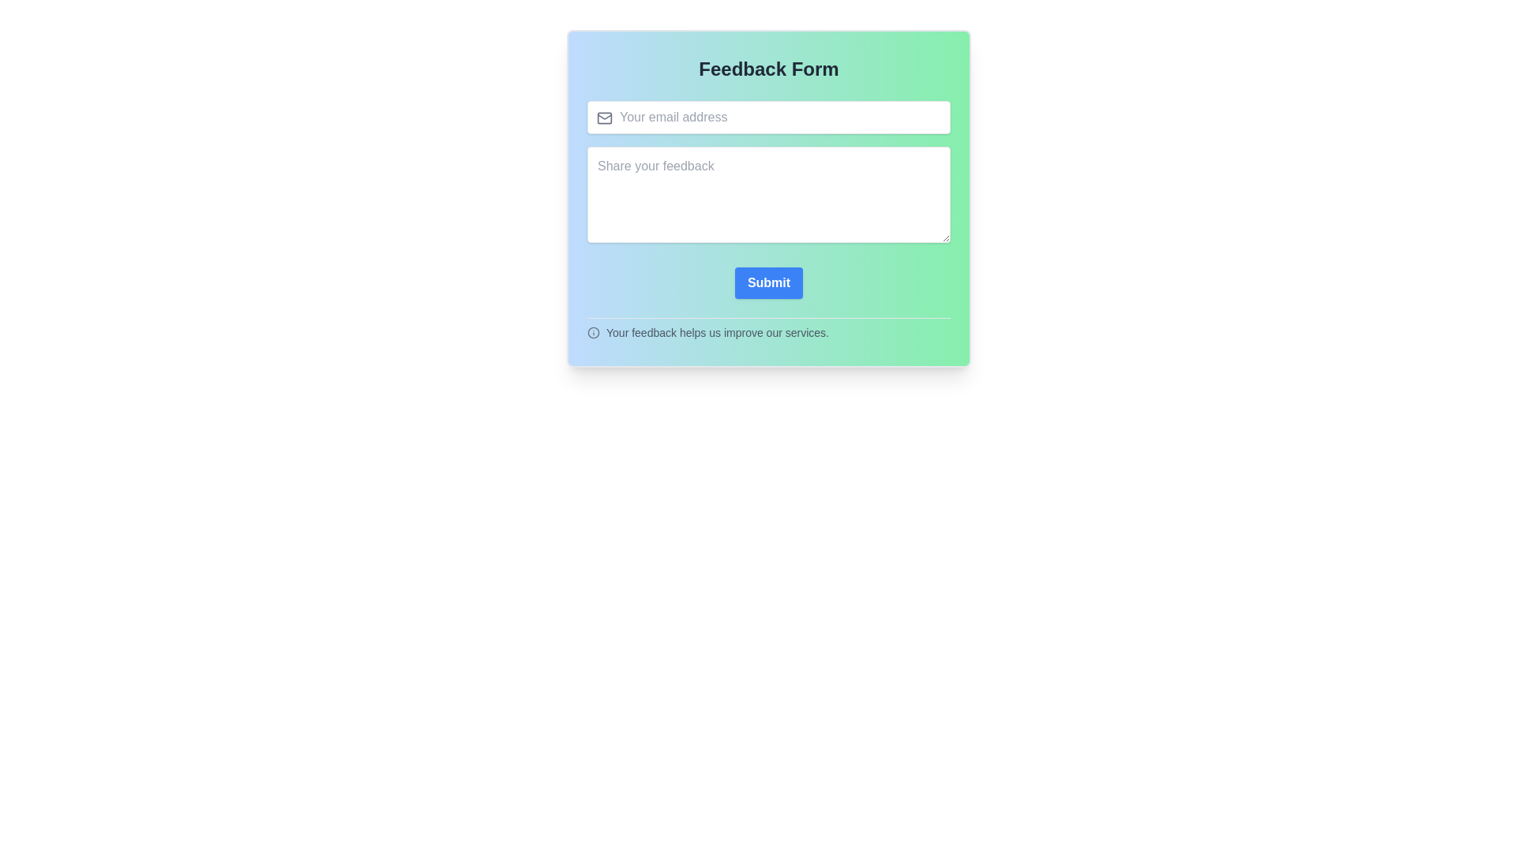 This screenshot has width=1516, height=852. Describe the element at coordinates (769, 282) in the screenshot. I see `the submit button located below the user comments text input field in the feedback form to initiate the submission action` at that location.